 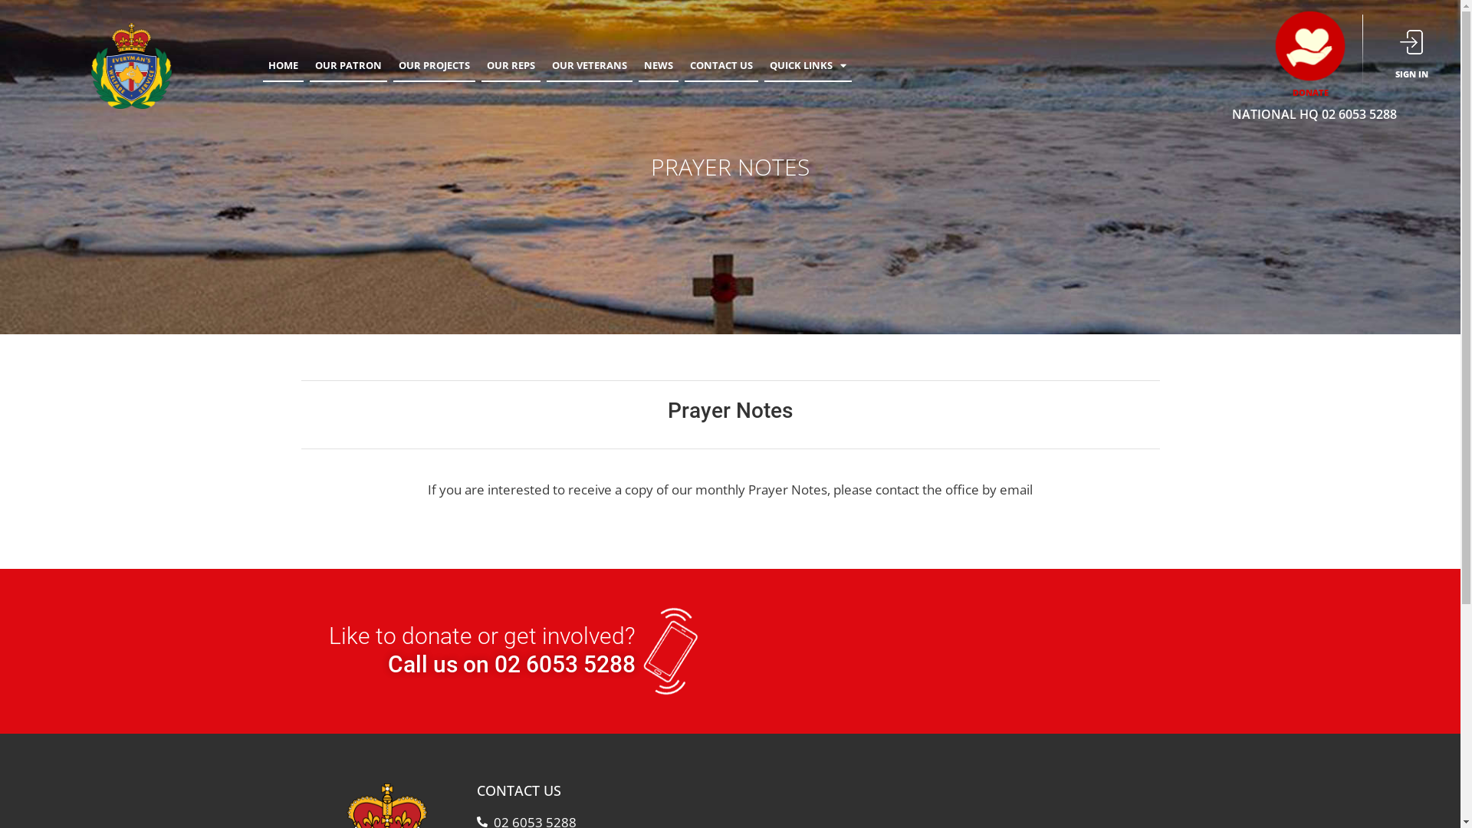 I want to click on 'HOME', so click(x=283, y=64).